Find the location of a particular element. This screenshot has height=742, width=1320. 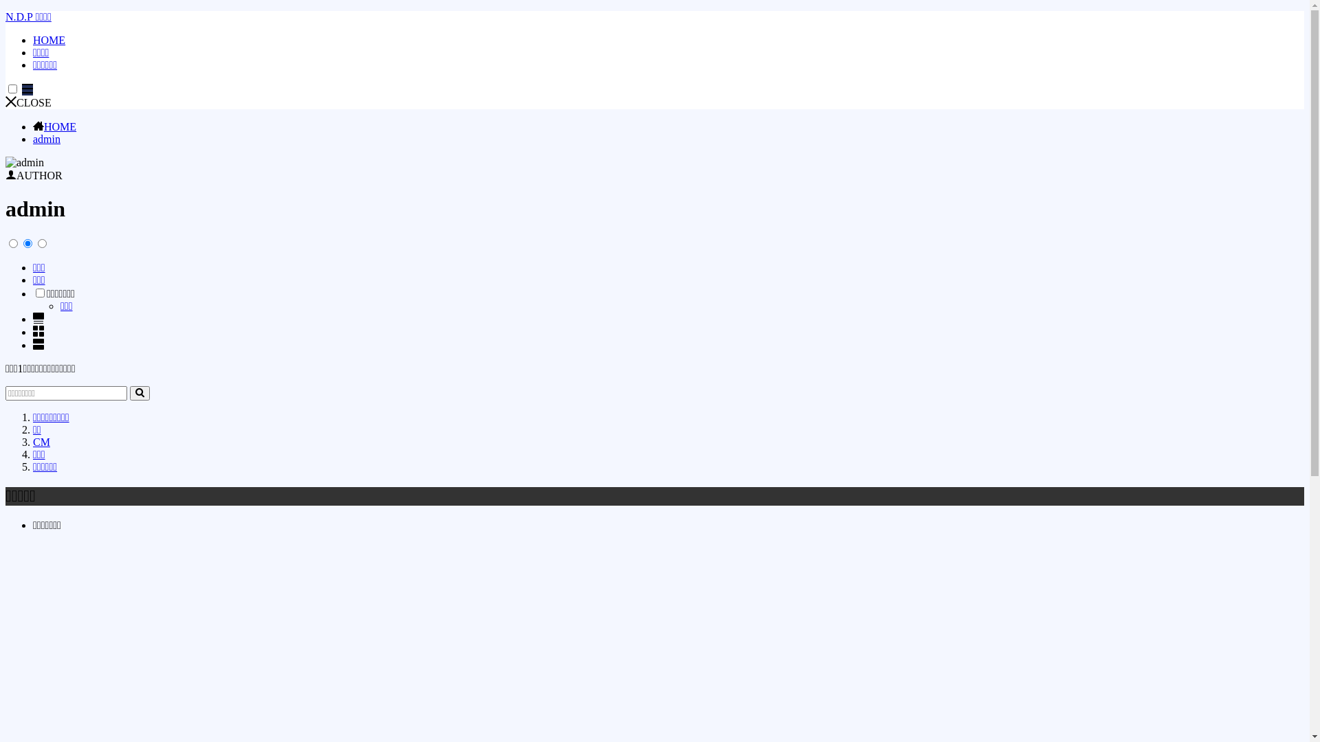

'CM' is located at coordinates (41, 442).